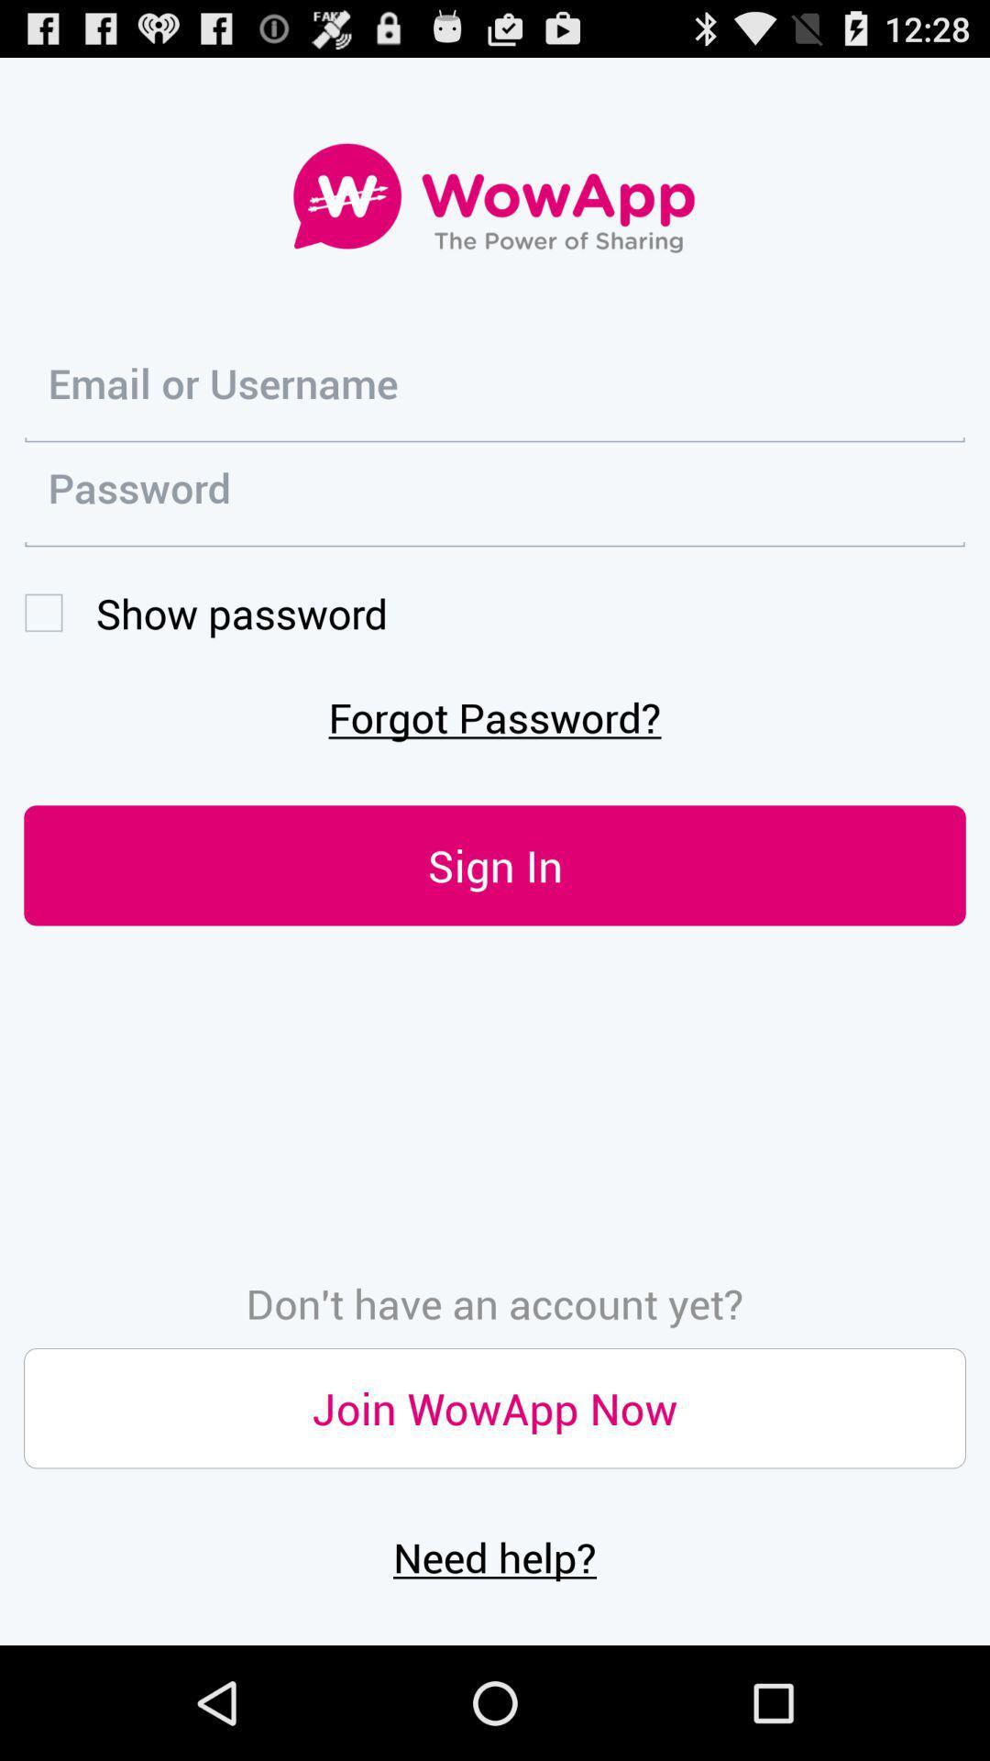 Image resolution: width=990 pixels, height=1761 pixels. What do you see at coordinates (495, 494) in the screenshot?
I see `icon above the show password icon` at bounding box center [495, 494].